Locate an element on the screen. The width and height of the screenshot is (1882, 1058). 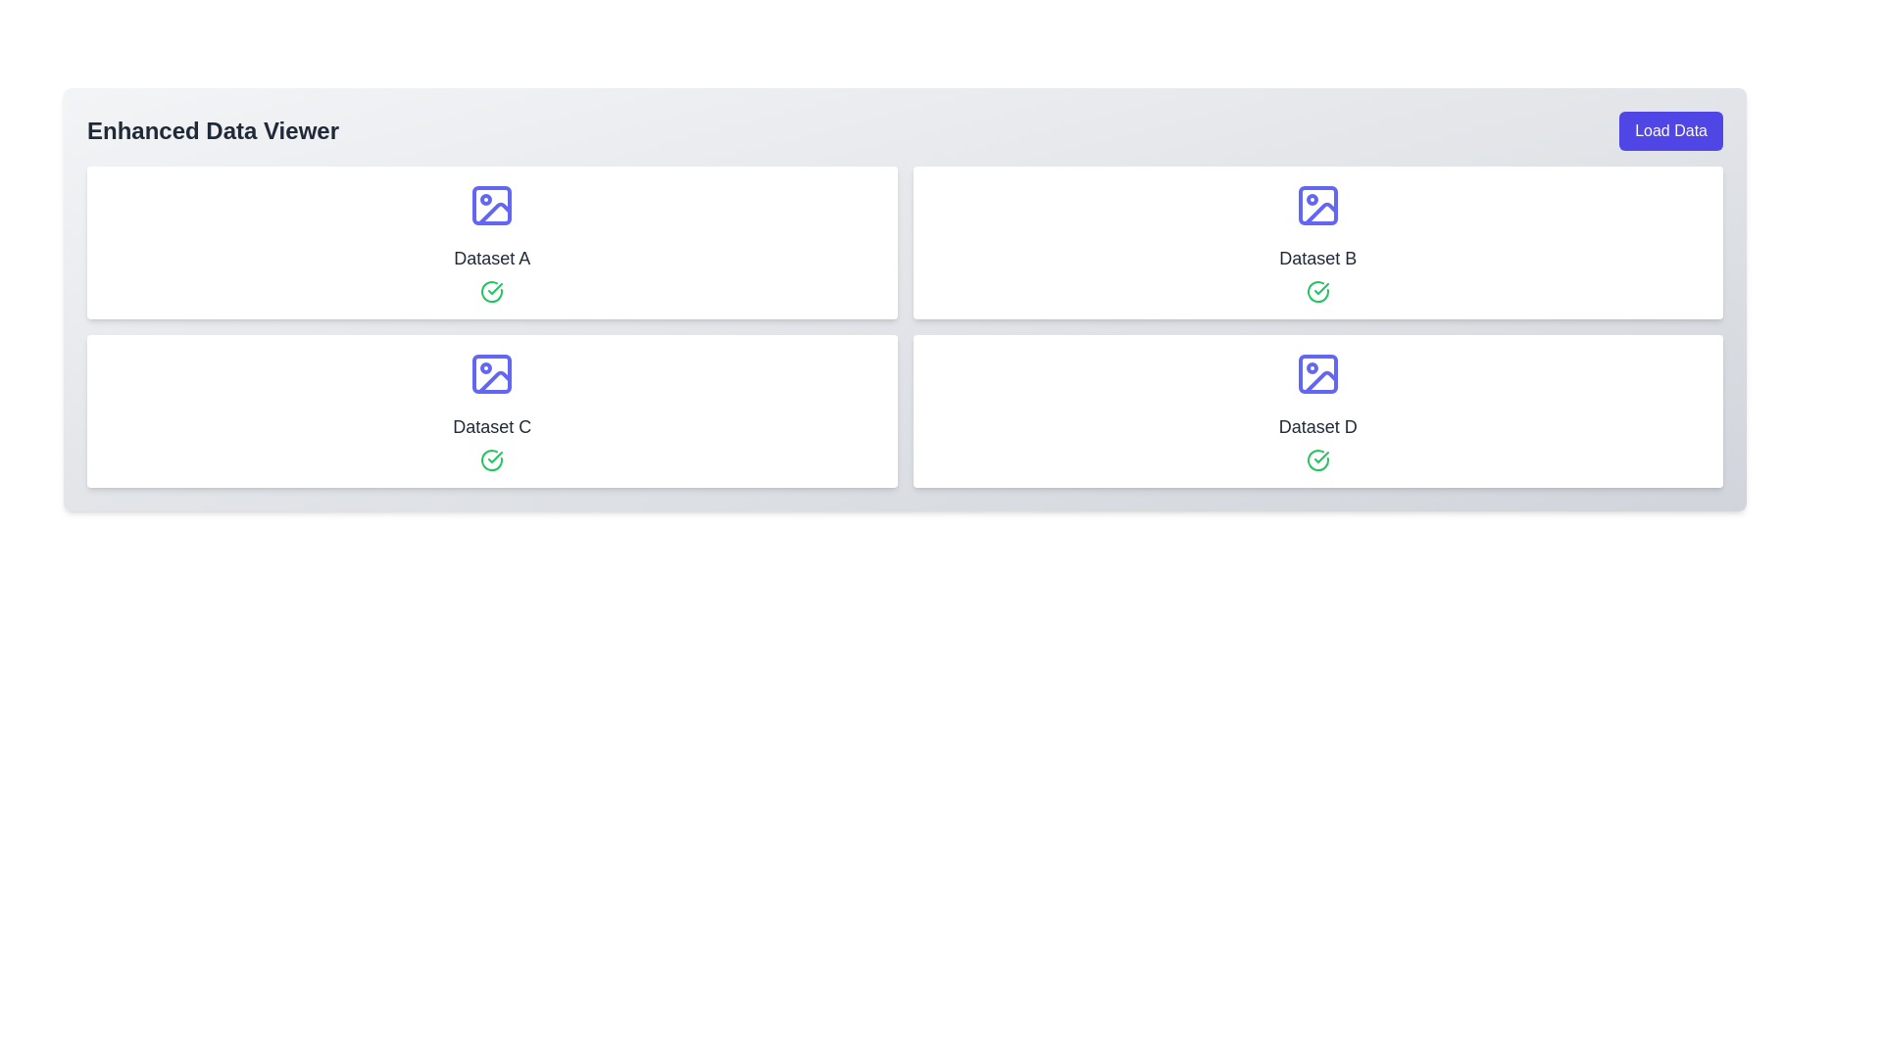
the decorative icon representing 'Dataset B', which is positioned centrally near the top of the 'Dataset B' panel, directly above the text 'Dataset B' is located at coordinates (1317, 205).